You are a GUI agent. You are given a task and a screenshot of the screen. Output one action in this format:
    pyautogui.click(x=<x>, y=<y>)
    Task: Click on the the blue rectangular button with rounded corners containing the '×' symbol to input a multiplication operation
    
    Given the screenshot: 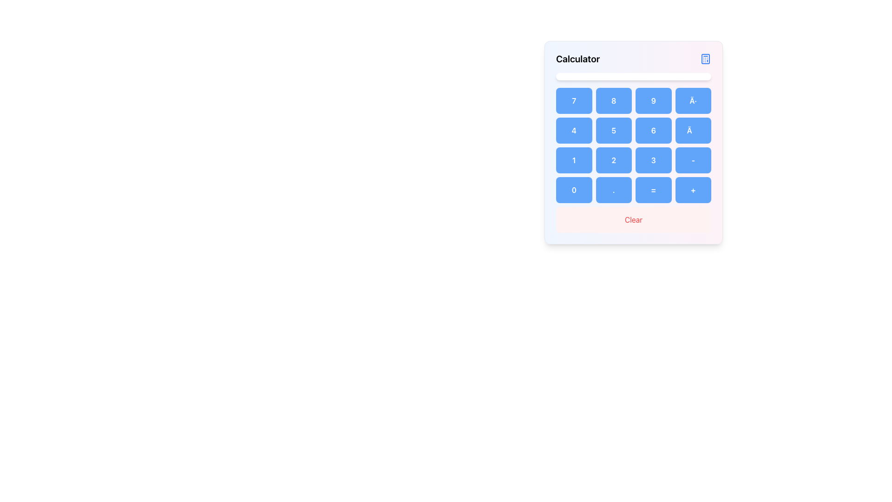 What is the action you would take?
    pyautogui.click(x=693, y=131)
    